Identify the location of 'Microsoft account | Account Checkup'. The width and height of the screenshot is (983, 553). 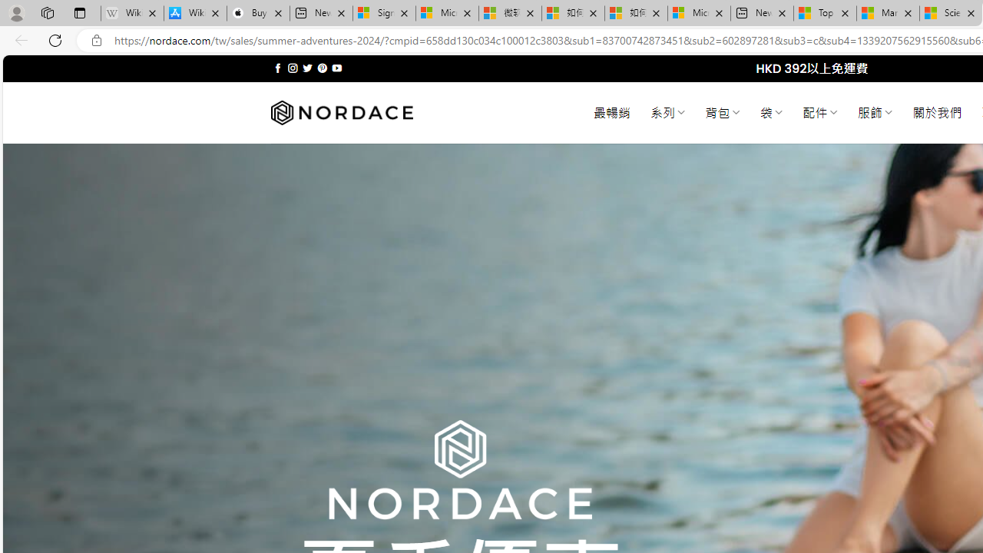
(698, 13).